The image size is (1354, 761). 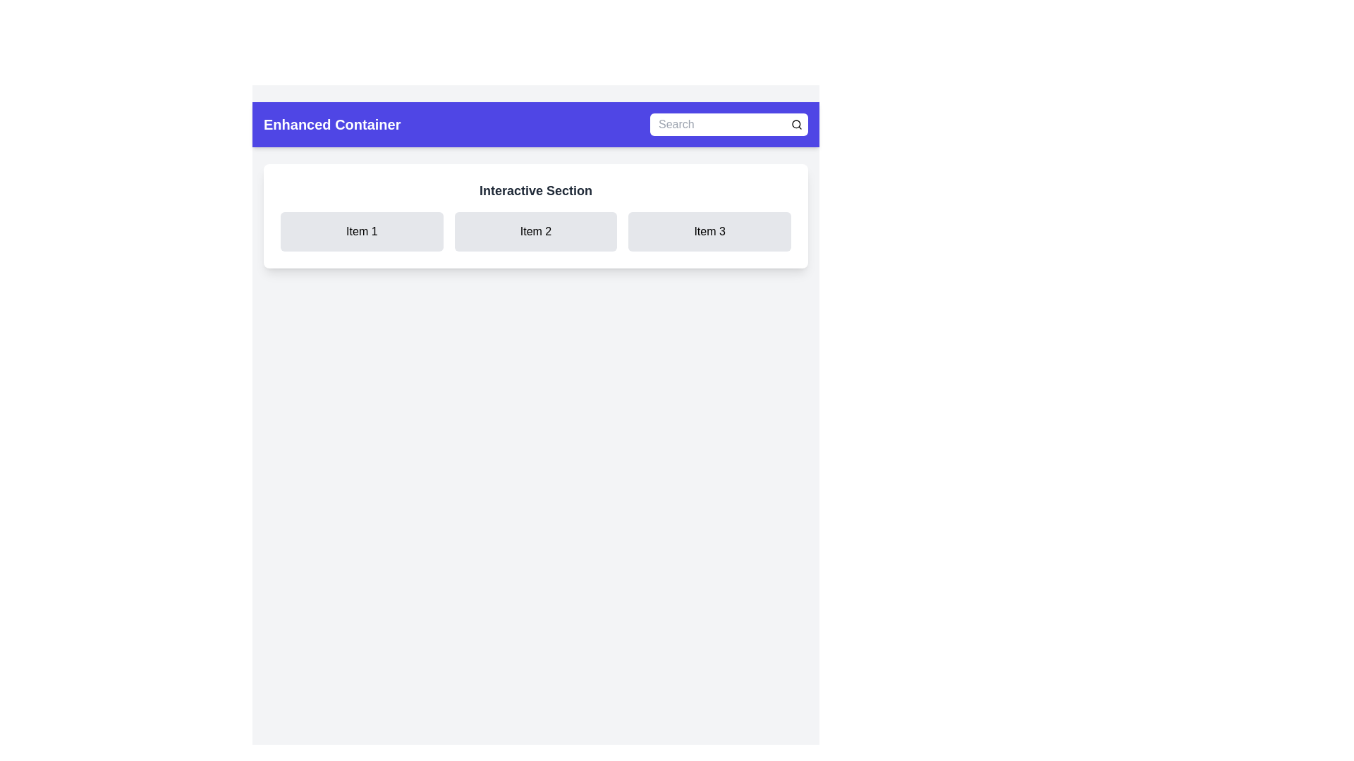 What do you see at coordinates (796, 124) in the screenshot?
I see `the search icon located in the top-right corner of the application, next to the 'Search' input field` at bounding box center [796, 124].